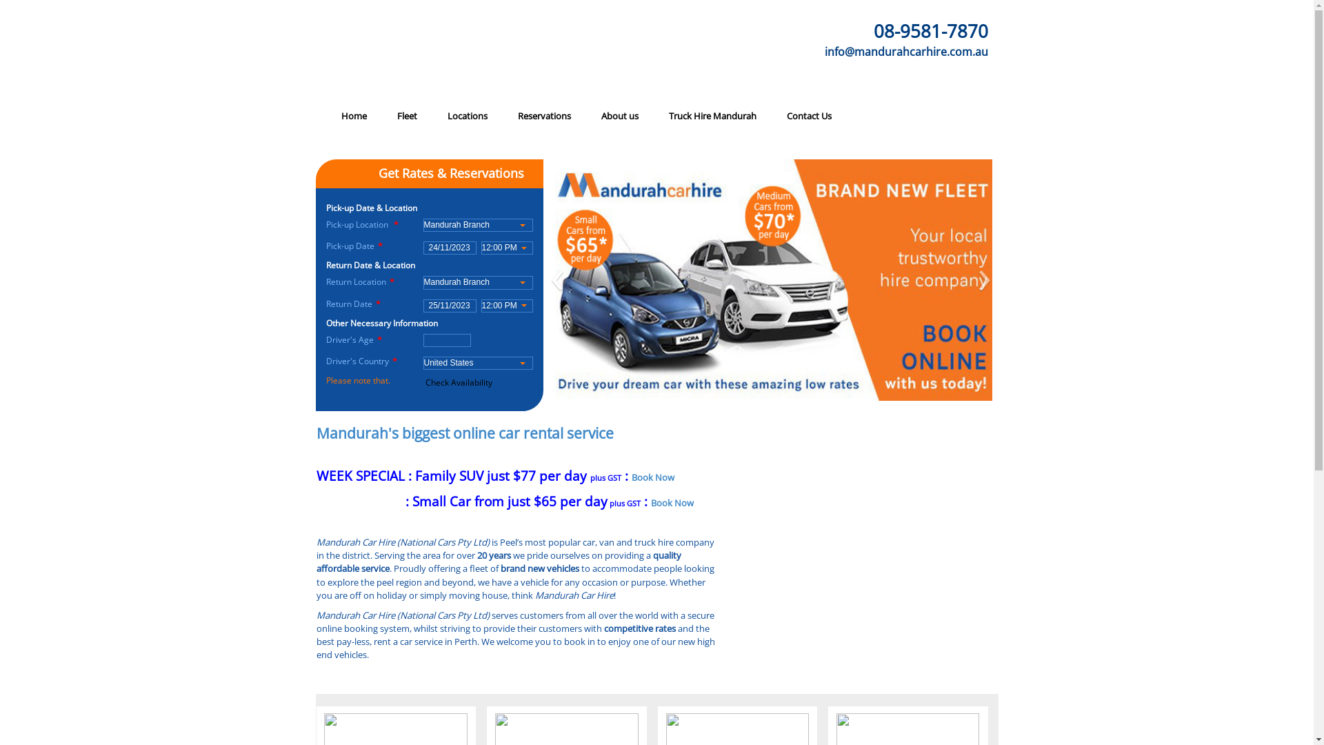 The width and height of the screenshot is (1324, 745). I want to click on 'United States ', so click(477, 362).